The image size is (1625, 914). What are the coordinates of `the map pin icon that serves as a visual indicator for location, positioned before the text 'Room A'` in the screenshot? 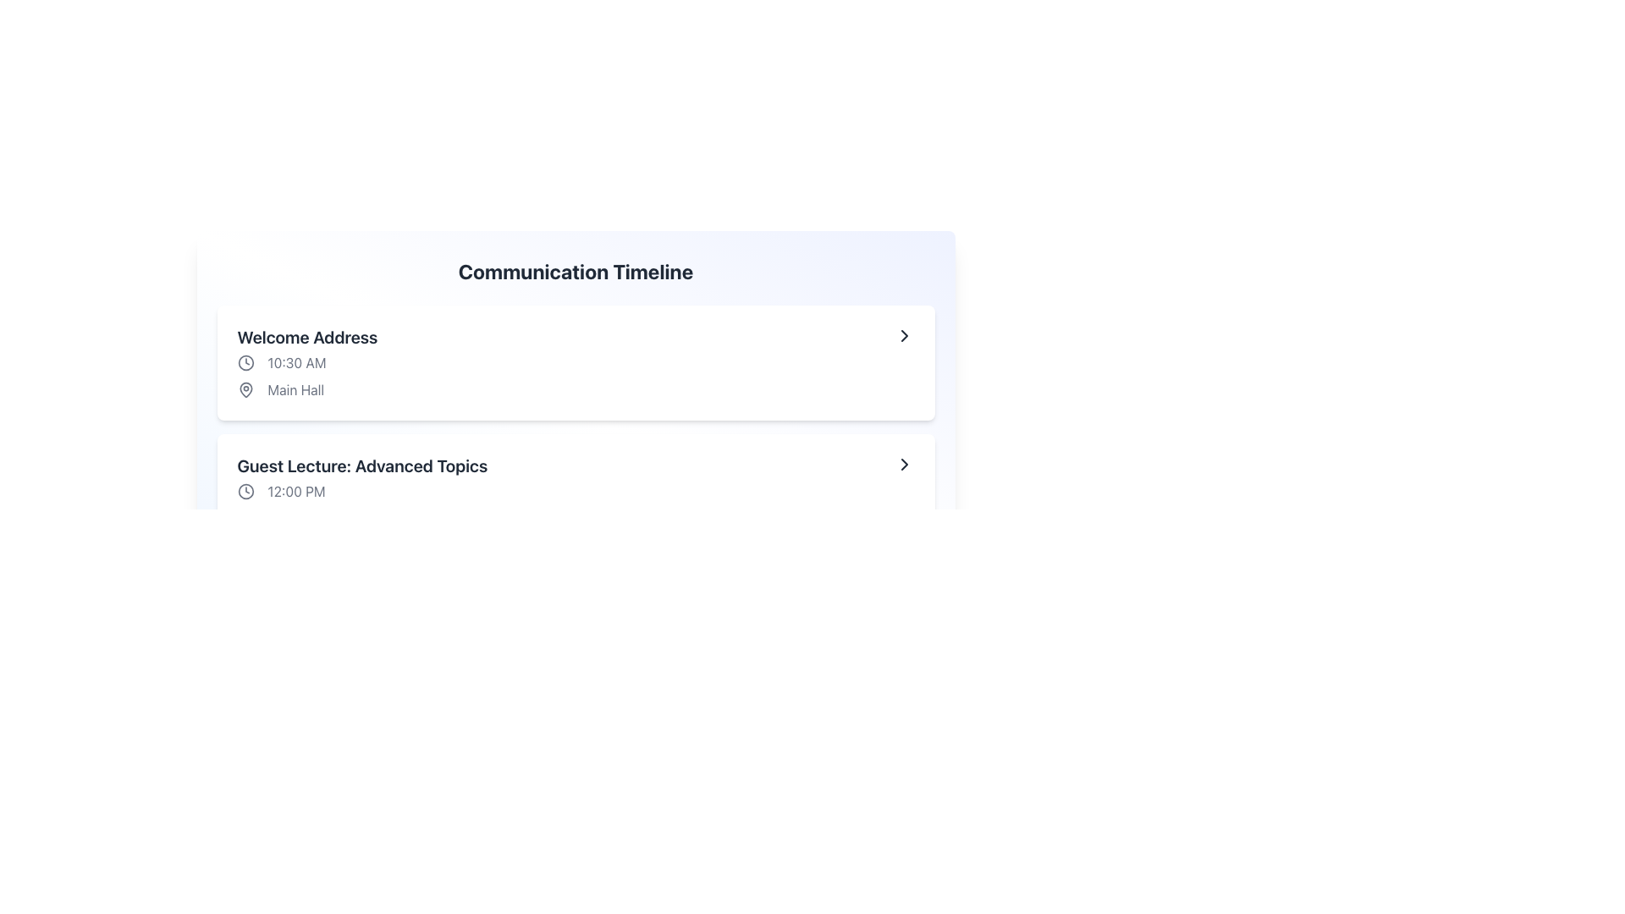 It's located at (245, 518).